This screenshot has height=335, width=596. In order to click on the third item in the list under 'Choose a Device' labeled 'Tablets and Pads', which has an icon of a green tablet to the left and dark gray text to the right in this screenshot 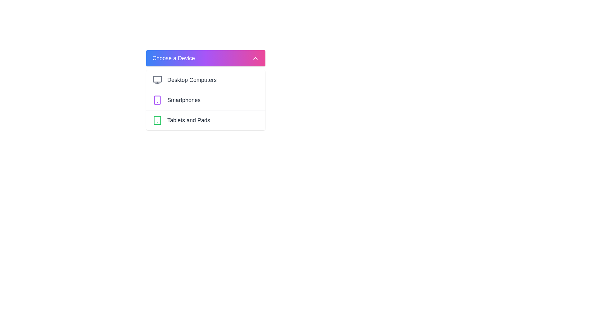, I will do `click(205, 120)`.